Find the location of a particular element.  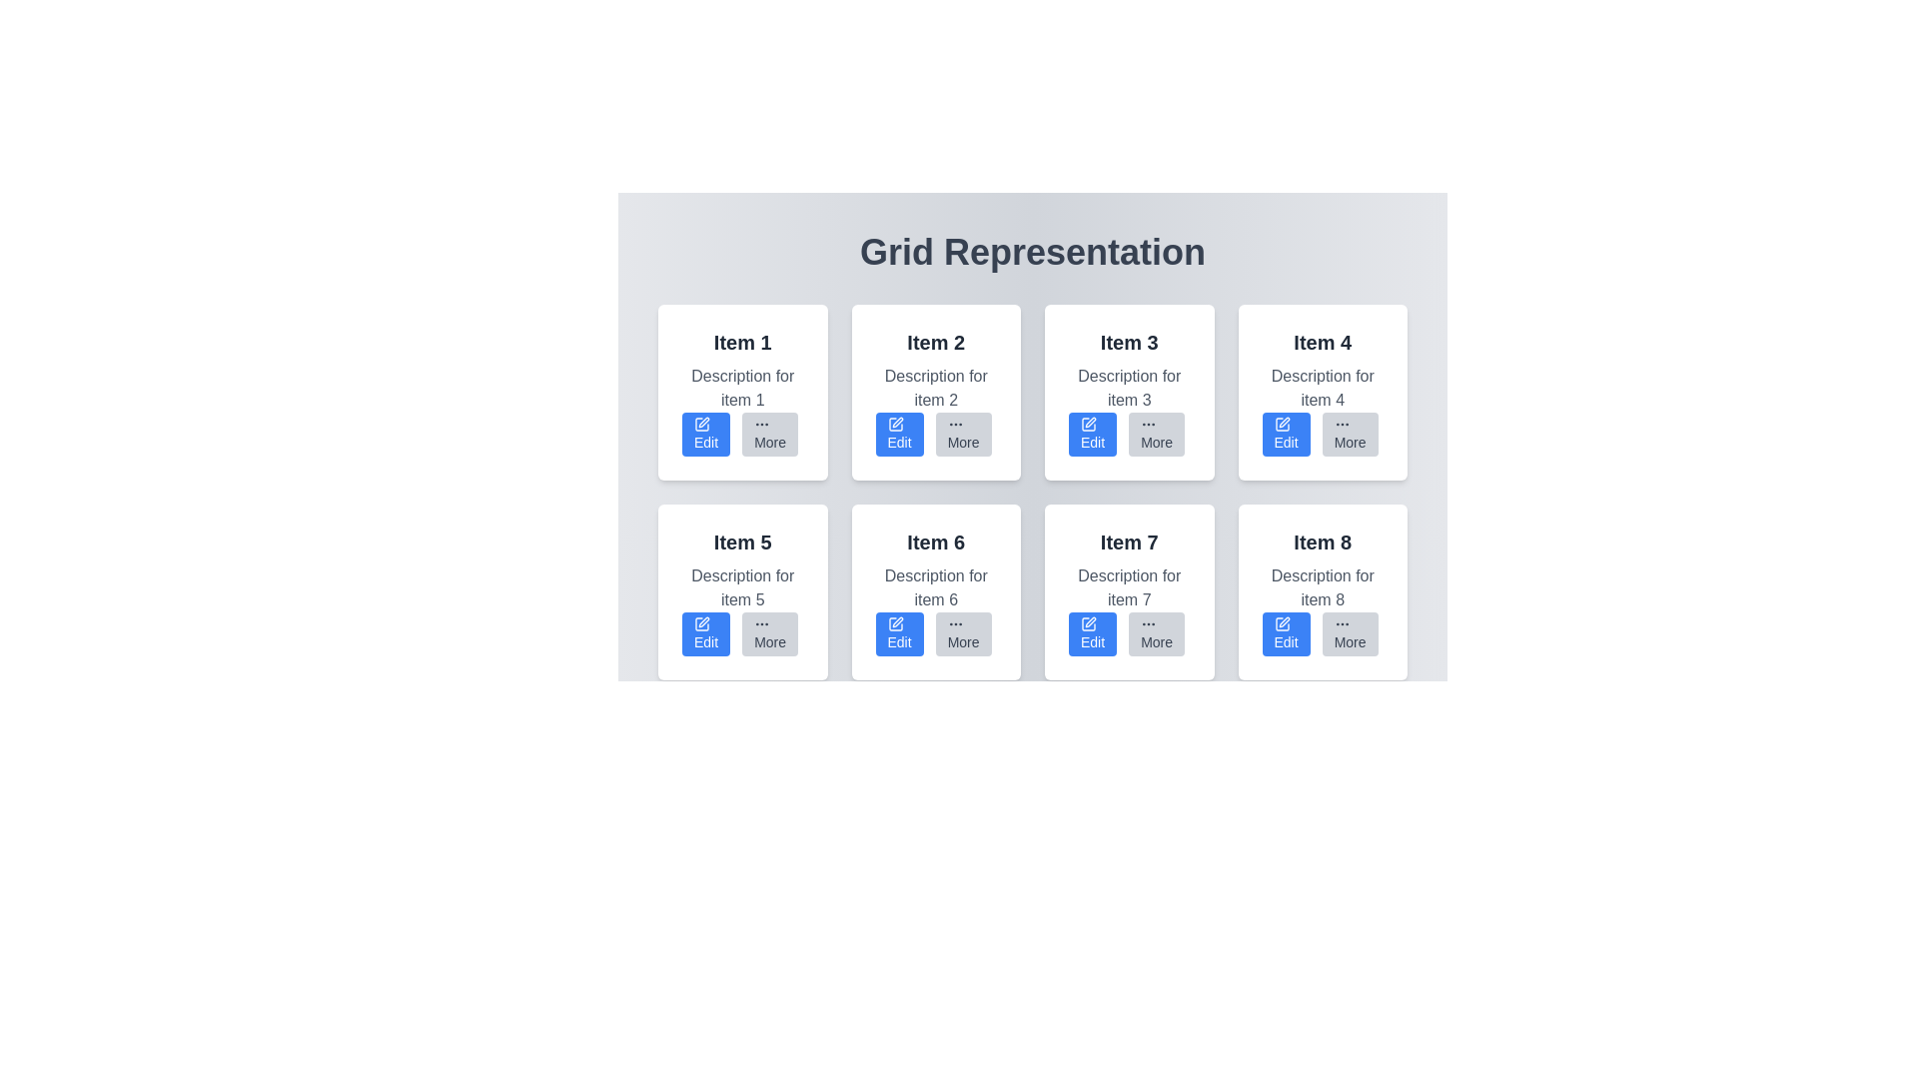

the edit button located is located at coordinates (898, 833).